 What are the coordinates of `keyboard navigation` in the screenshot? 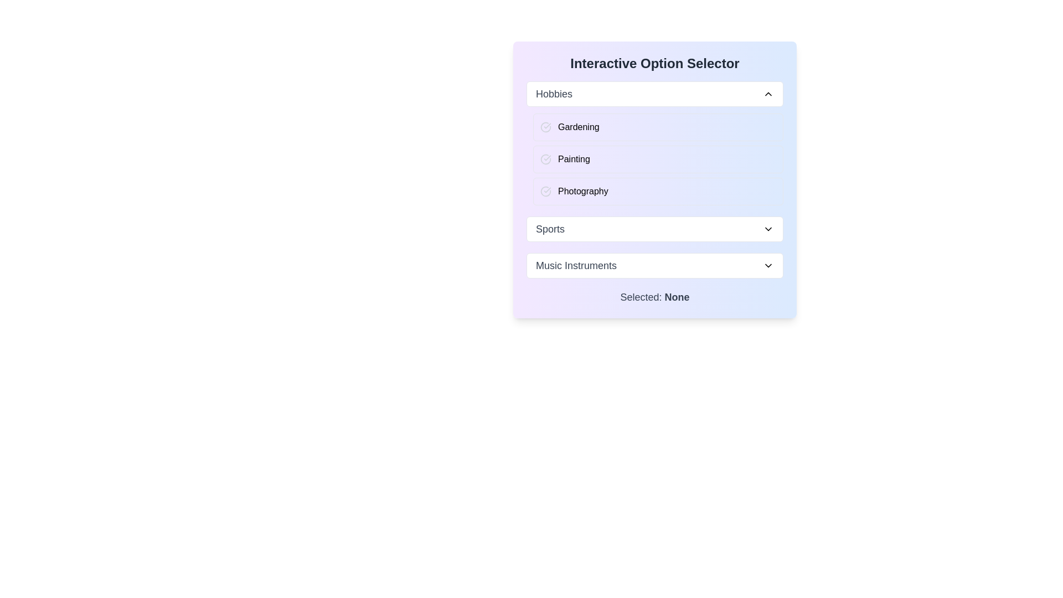 It's located at (654, 265).